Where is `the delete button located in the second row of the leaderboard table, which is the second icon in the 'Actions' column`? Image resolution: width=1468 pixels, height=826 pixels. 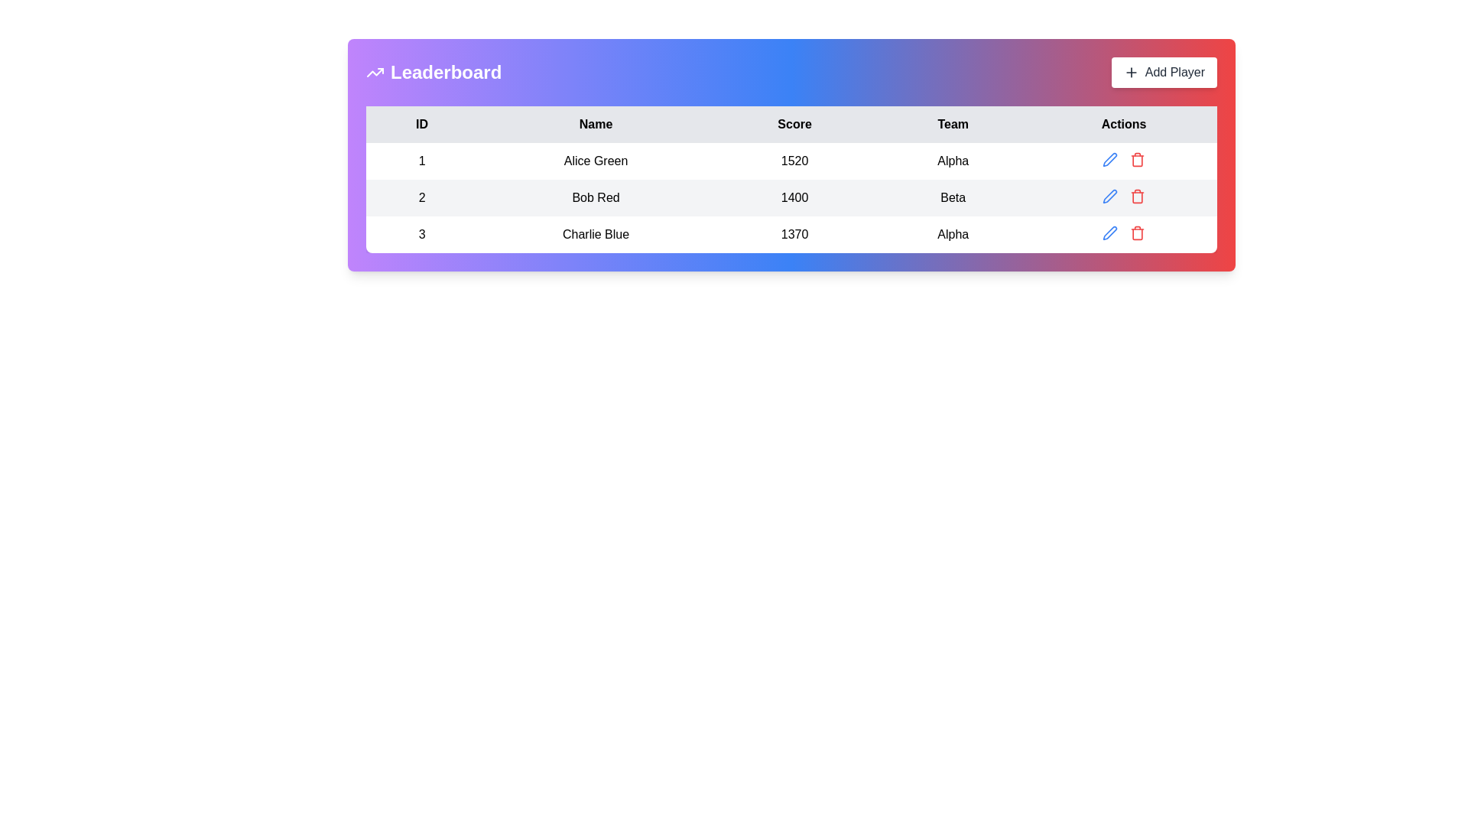 the delete button located in the second row of the leaderboard table, which is the second icon in the 'Actions' column is located at coordinates (1138, 196).